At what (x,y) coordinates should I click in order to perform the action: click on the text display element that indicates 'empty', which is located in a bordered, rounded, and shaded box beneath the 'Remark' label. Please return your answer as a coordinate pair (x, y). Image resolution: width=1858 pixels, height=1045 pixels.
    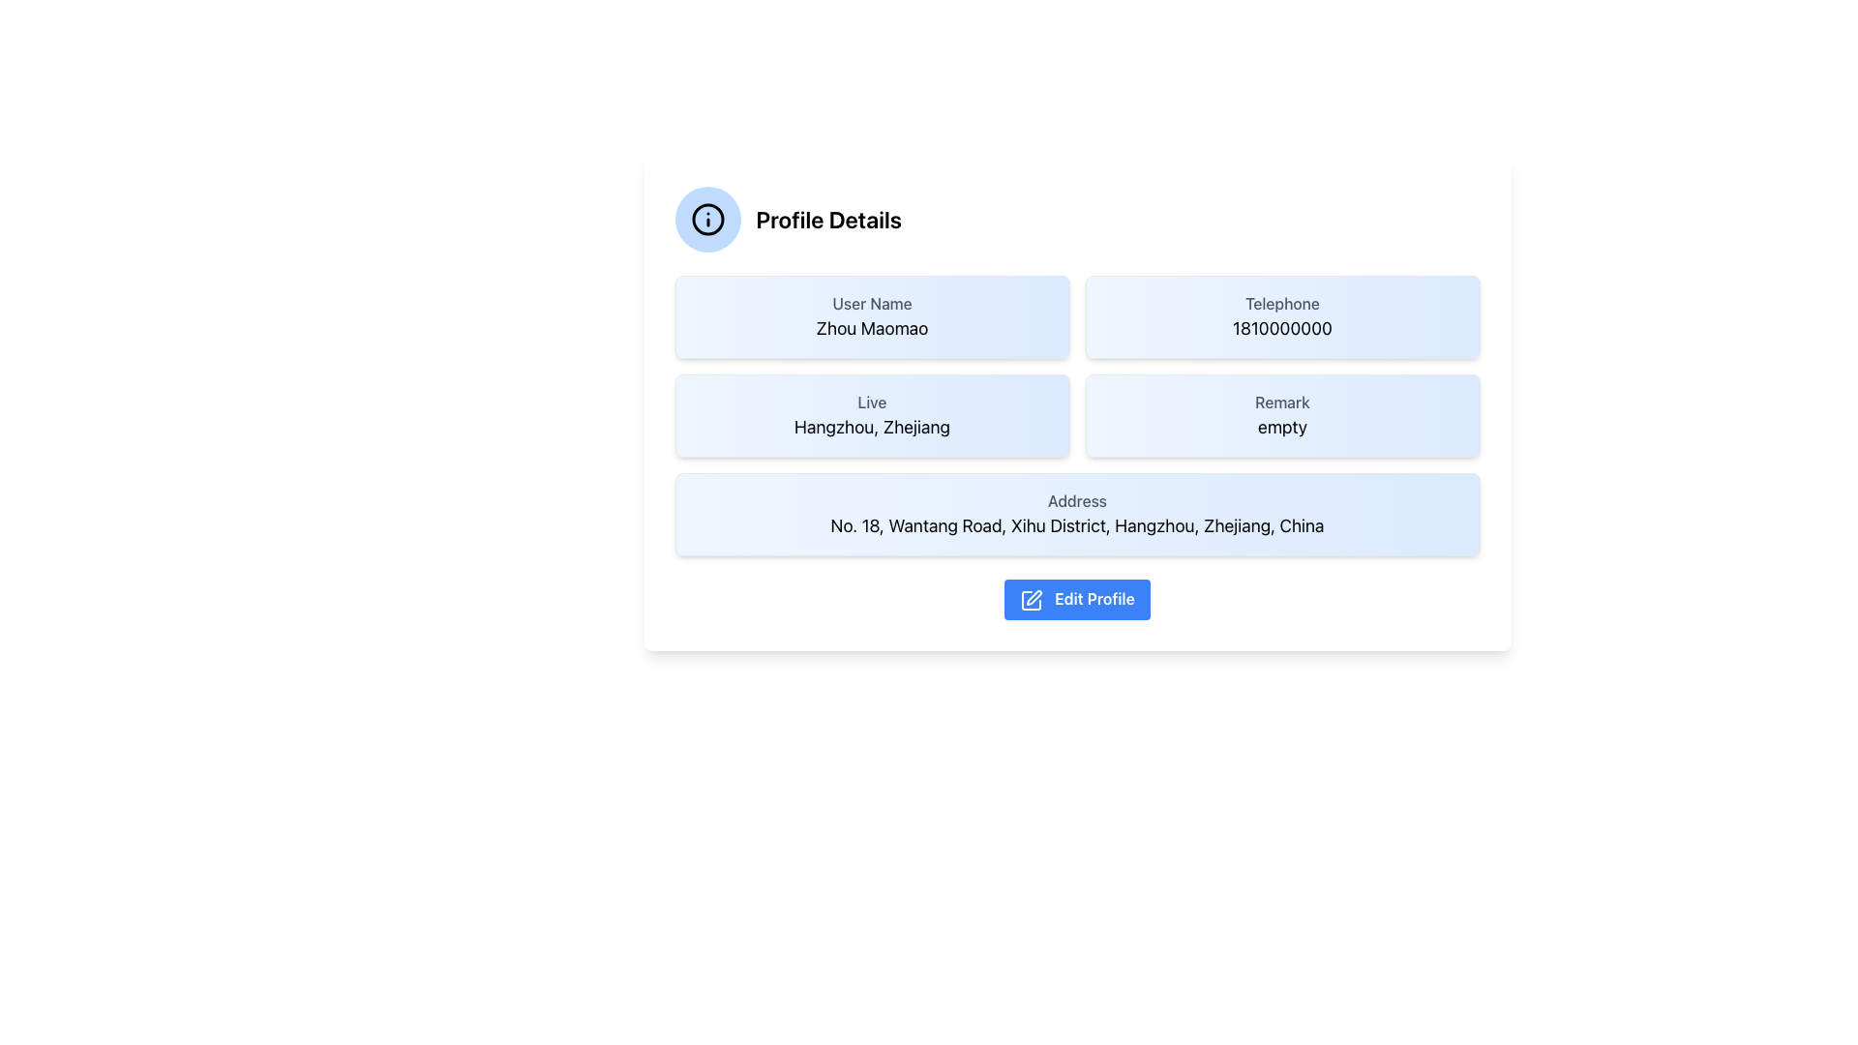
    Looking at the image, I should click on (1282, 427).